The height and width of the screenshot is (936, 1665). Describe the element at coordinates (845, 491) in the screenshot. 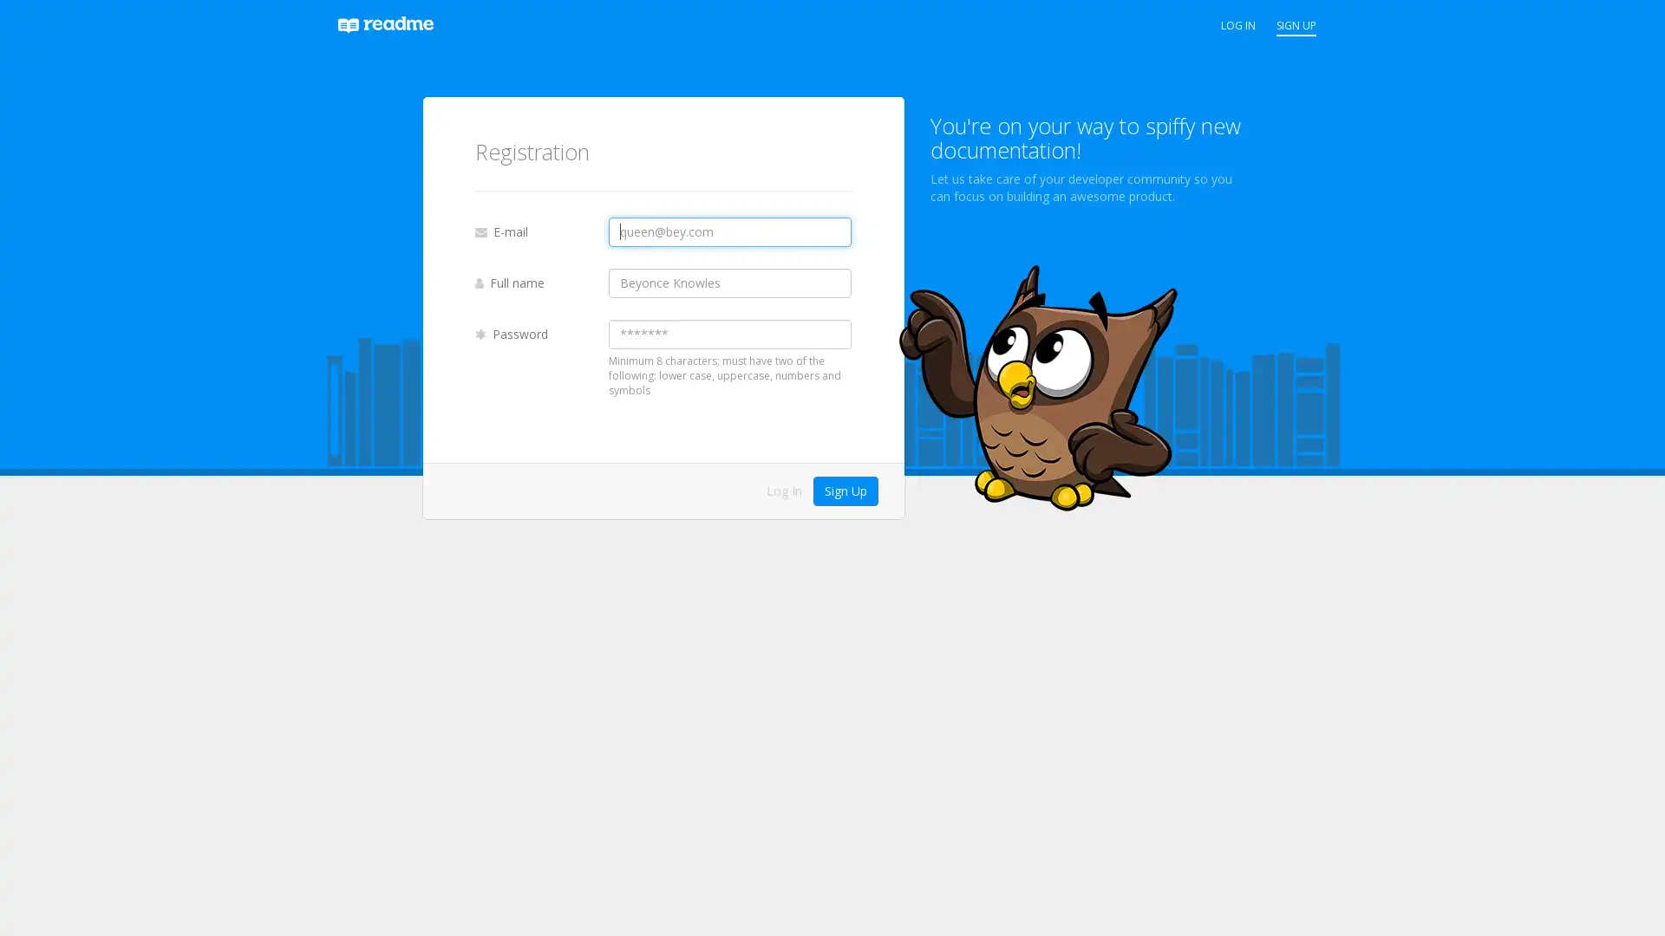

I see `Sign Up` at that location.